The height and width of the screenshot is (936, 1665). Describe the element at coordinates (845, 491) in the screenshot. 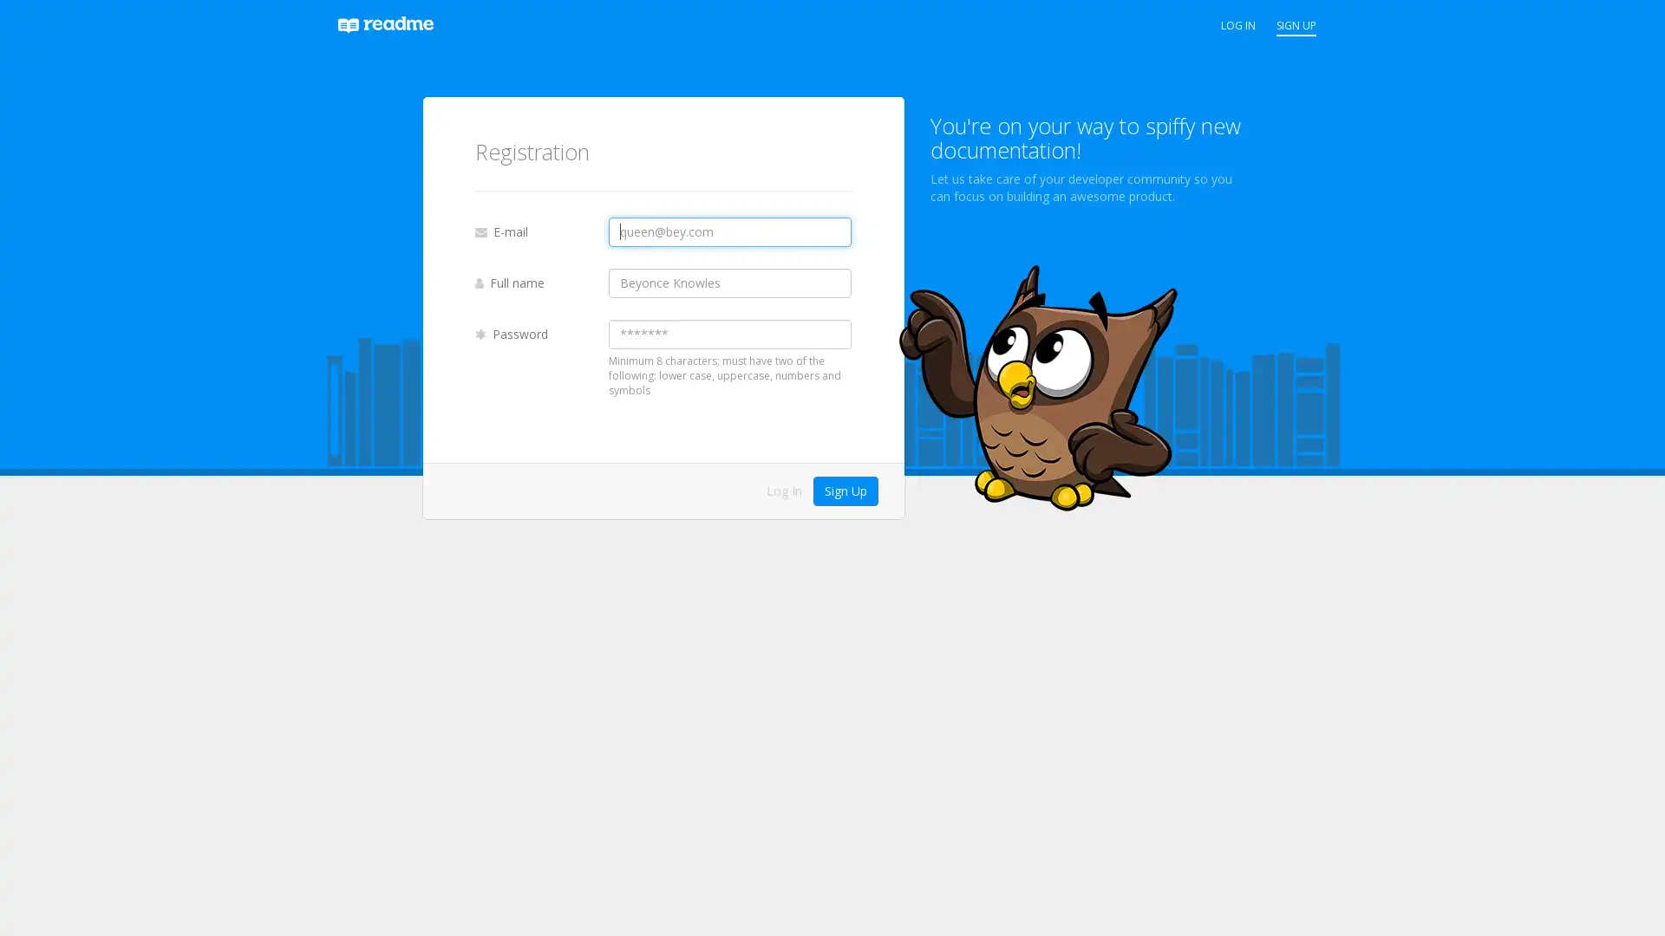

I see `Sign Up` at that location.